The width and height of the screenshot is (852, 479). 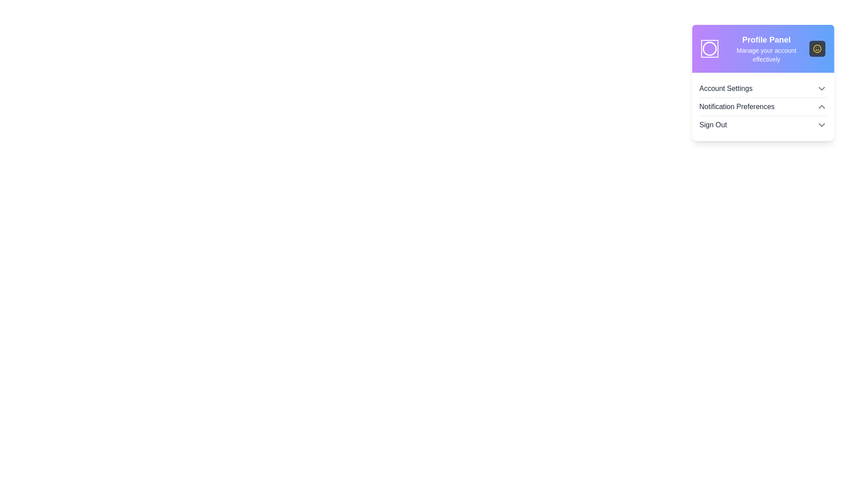 I want to click on the Dropdown indicator located in the top-right corner of the 'Account Settings' section, so click(x=821, y=89).